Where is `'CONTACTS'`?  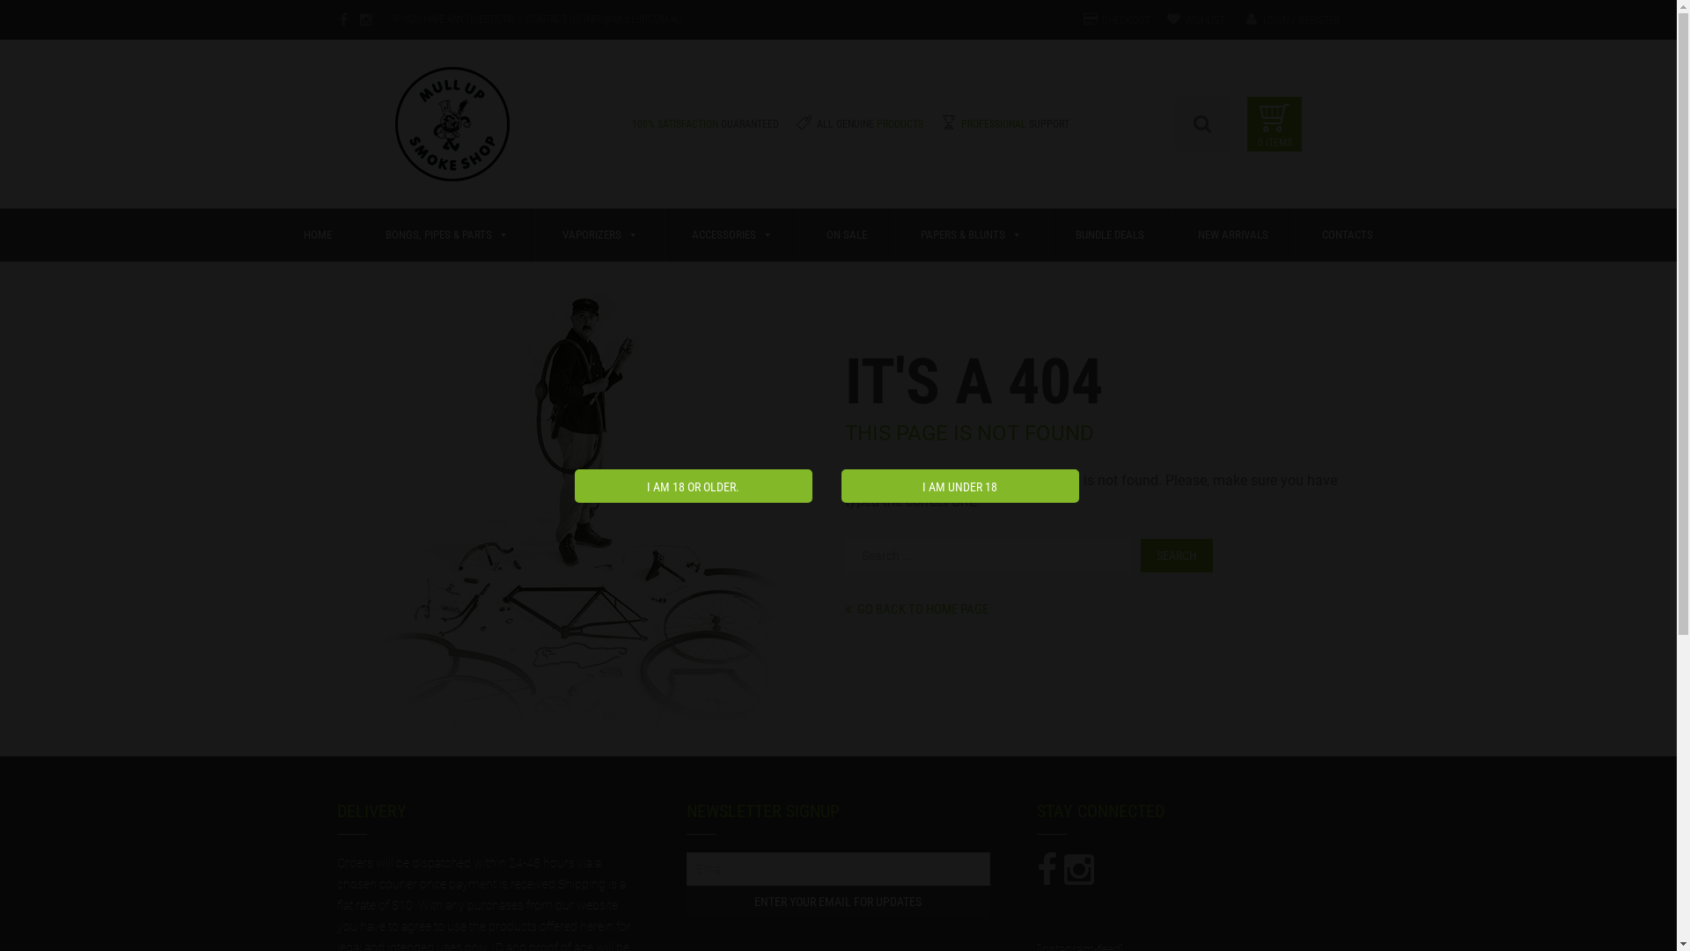 'CONTACTS' is located at coordinates (1347, 233).